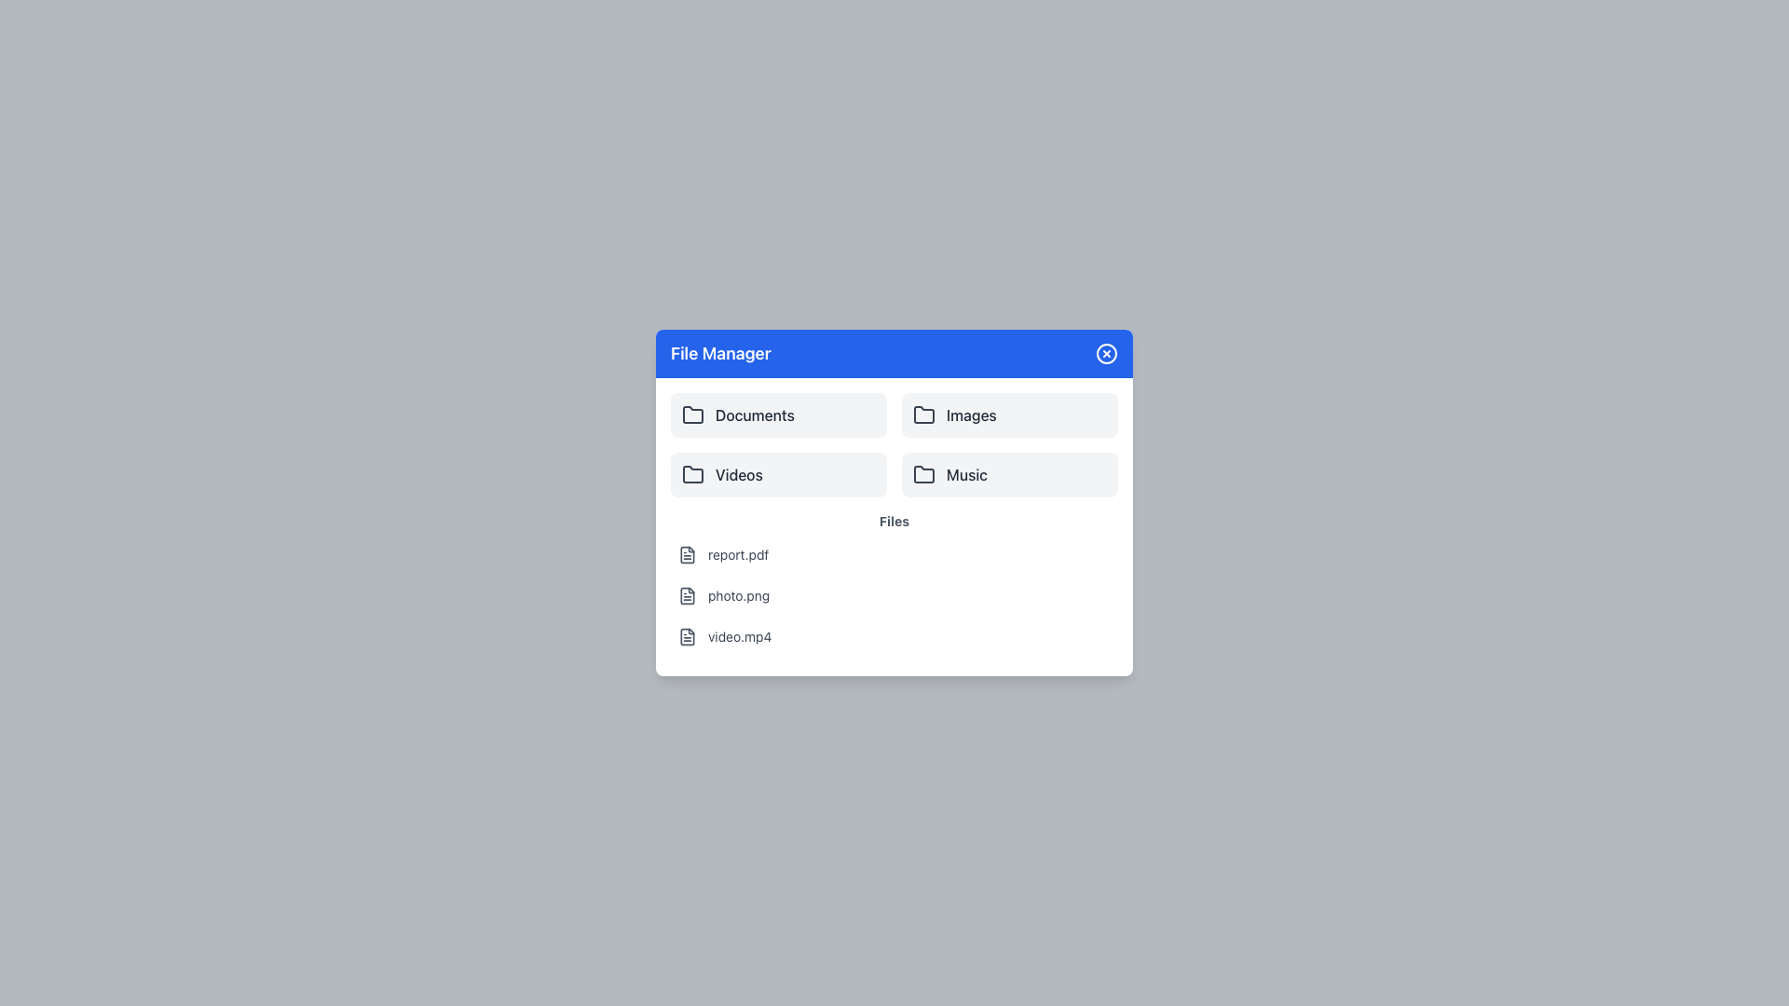 The image size is (1789, 1006). I want to click on the 'Images' folder icon located on the left side of the 'Images' group in the File Manager, so click(924, 415).